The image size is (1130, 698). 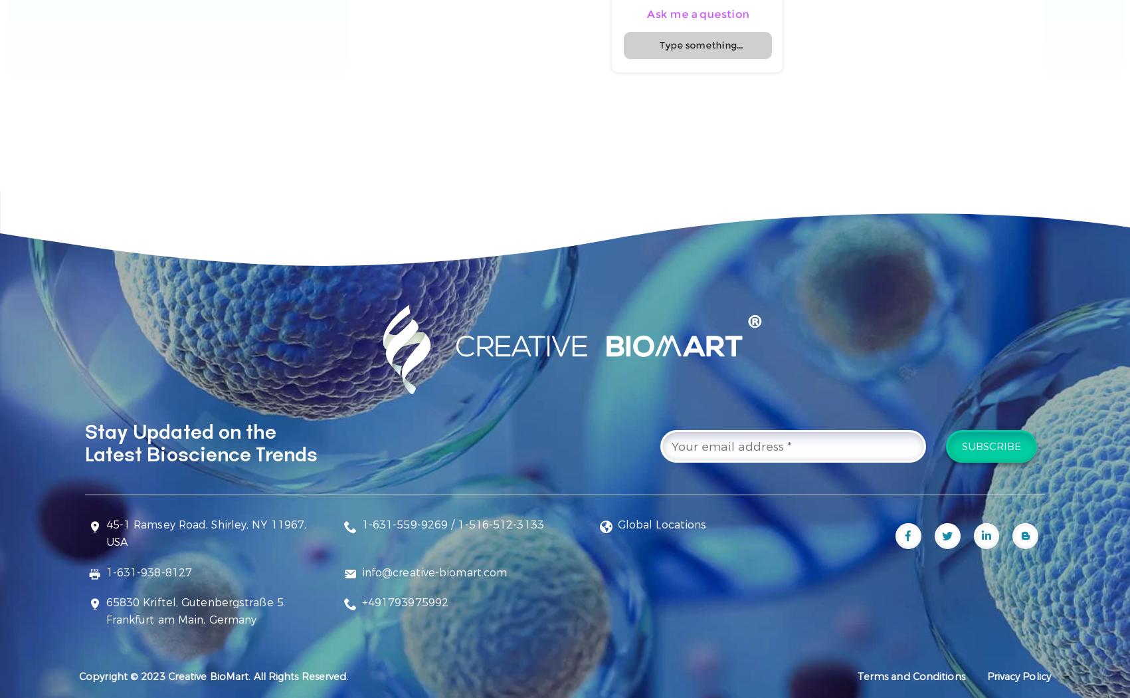 What do you see at coordinates (213, 675) in the screenshot?
I see `'Copyright © 2023 Creative BioMart. All Rights Reserved.'` at bounding box center [213, 675].